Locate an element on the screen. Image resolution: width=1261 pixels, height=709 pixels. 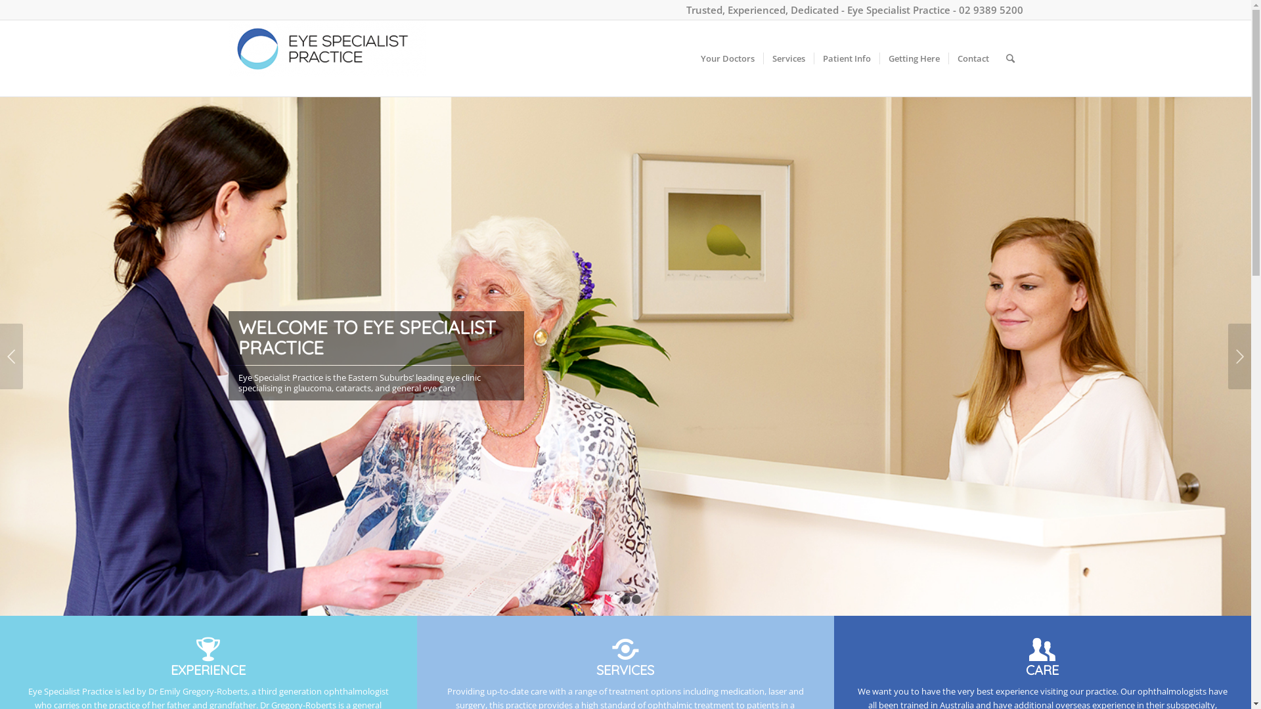
'Contact' is located at coordinates (973, 57).